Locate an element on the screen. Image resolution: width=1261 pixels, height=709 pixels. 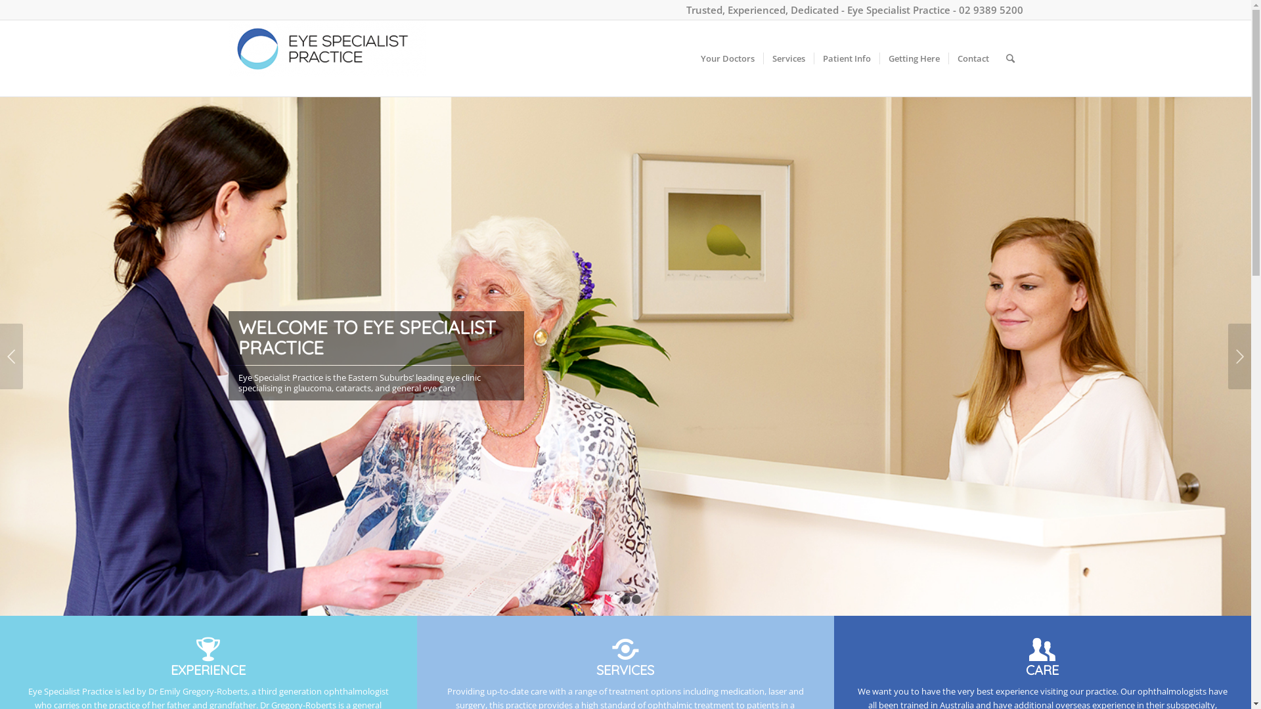
'Contact' is located at coordinates (973, 57).